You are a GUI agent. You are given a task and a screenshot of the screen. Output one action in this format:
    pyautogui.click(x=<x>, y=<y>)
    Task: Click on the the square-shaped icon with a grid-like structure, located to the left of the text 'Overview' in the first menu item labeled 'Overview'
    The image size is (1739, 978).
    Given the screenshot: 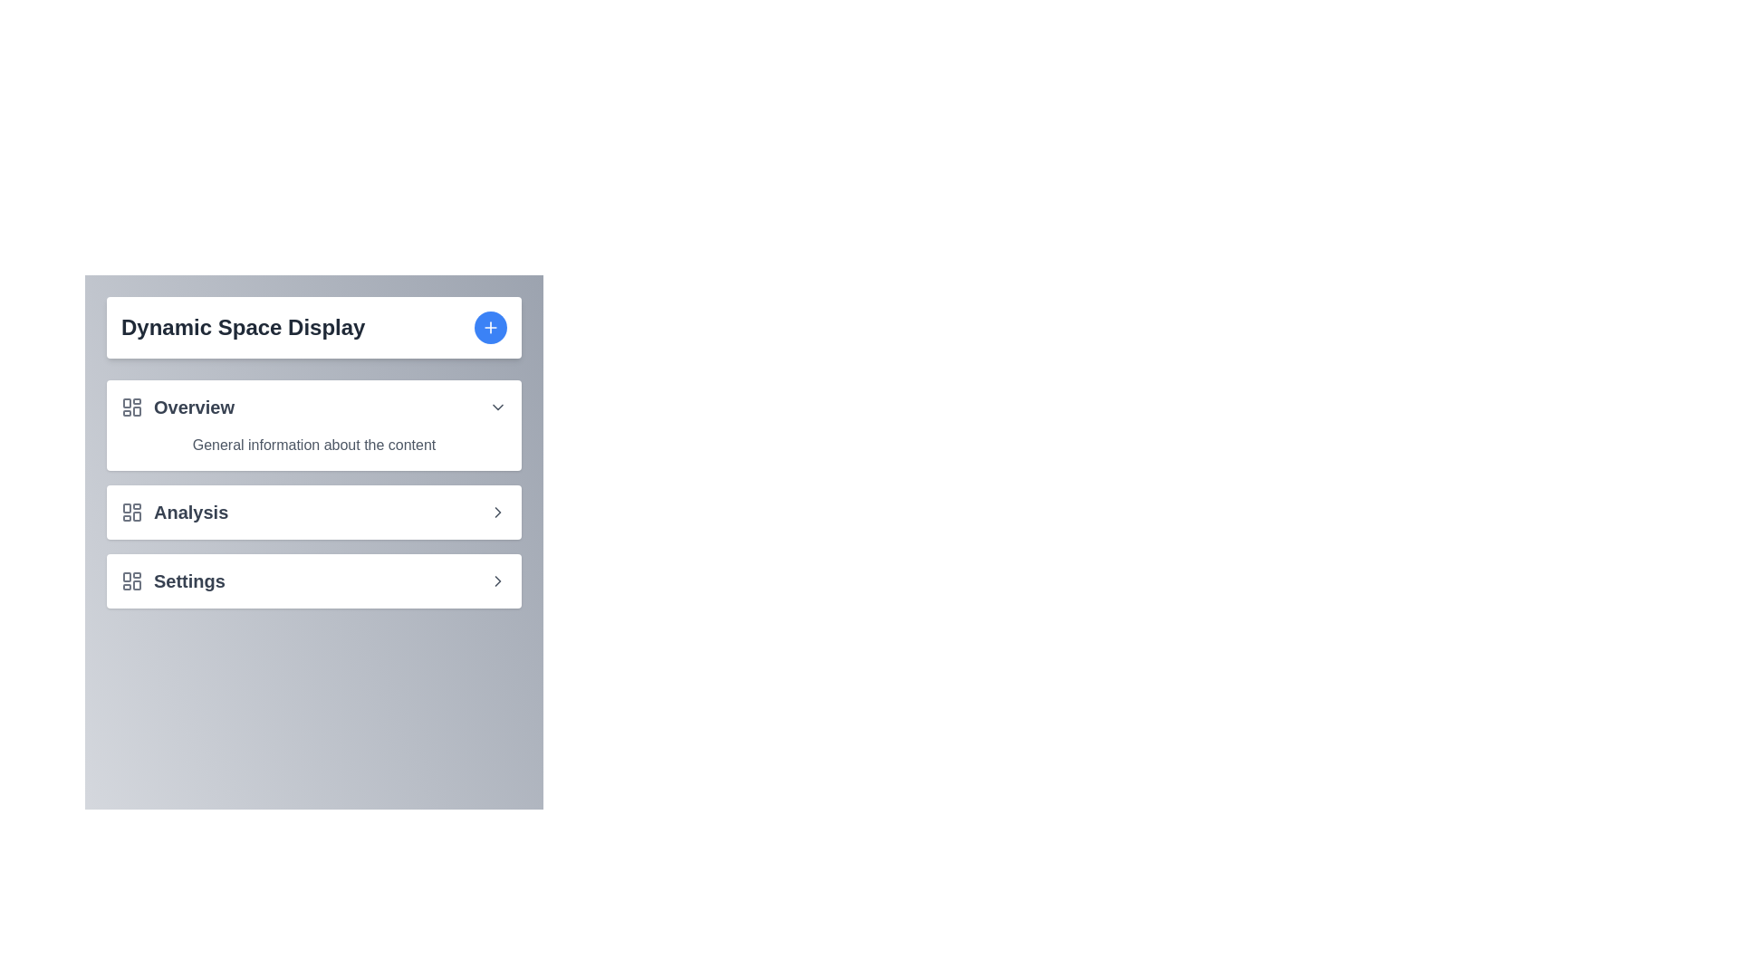 What is the action you would take?
    pyautogui.click(x=130, y=407)
    